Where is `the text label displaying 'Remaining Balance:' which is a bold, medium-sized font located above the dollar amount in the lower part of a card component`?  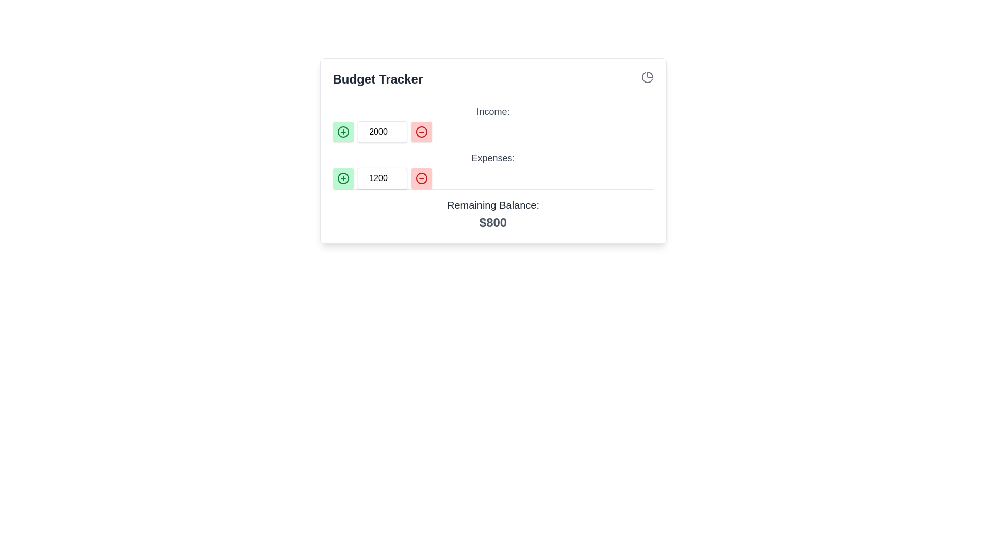 the text label displaying 'Remaining Balance:' which is a bold, medium-sized font located above the dollar amount in the lower part of a card component is located at coordinates (492, 205).